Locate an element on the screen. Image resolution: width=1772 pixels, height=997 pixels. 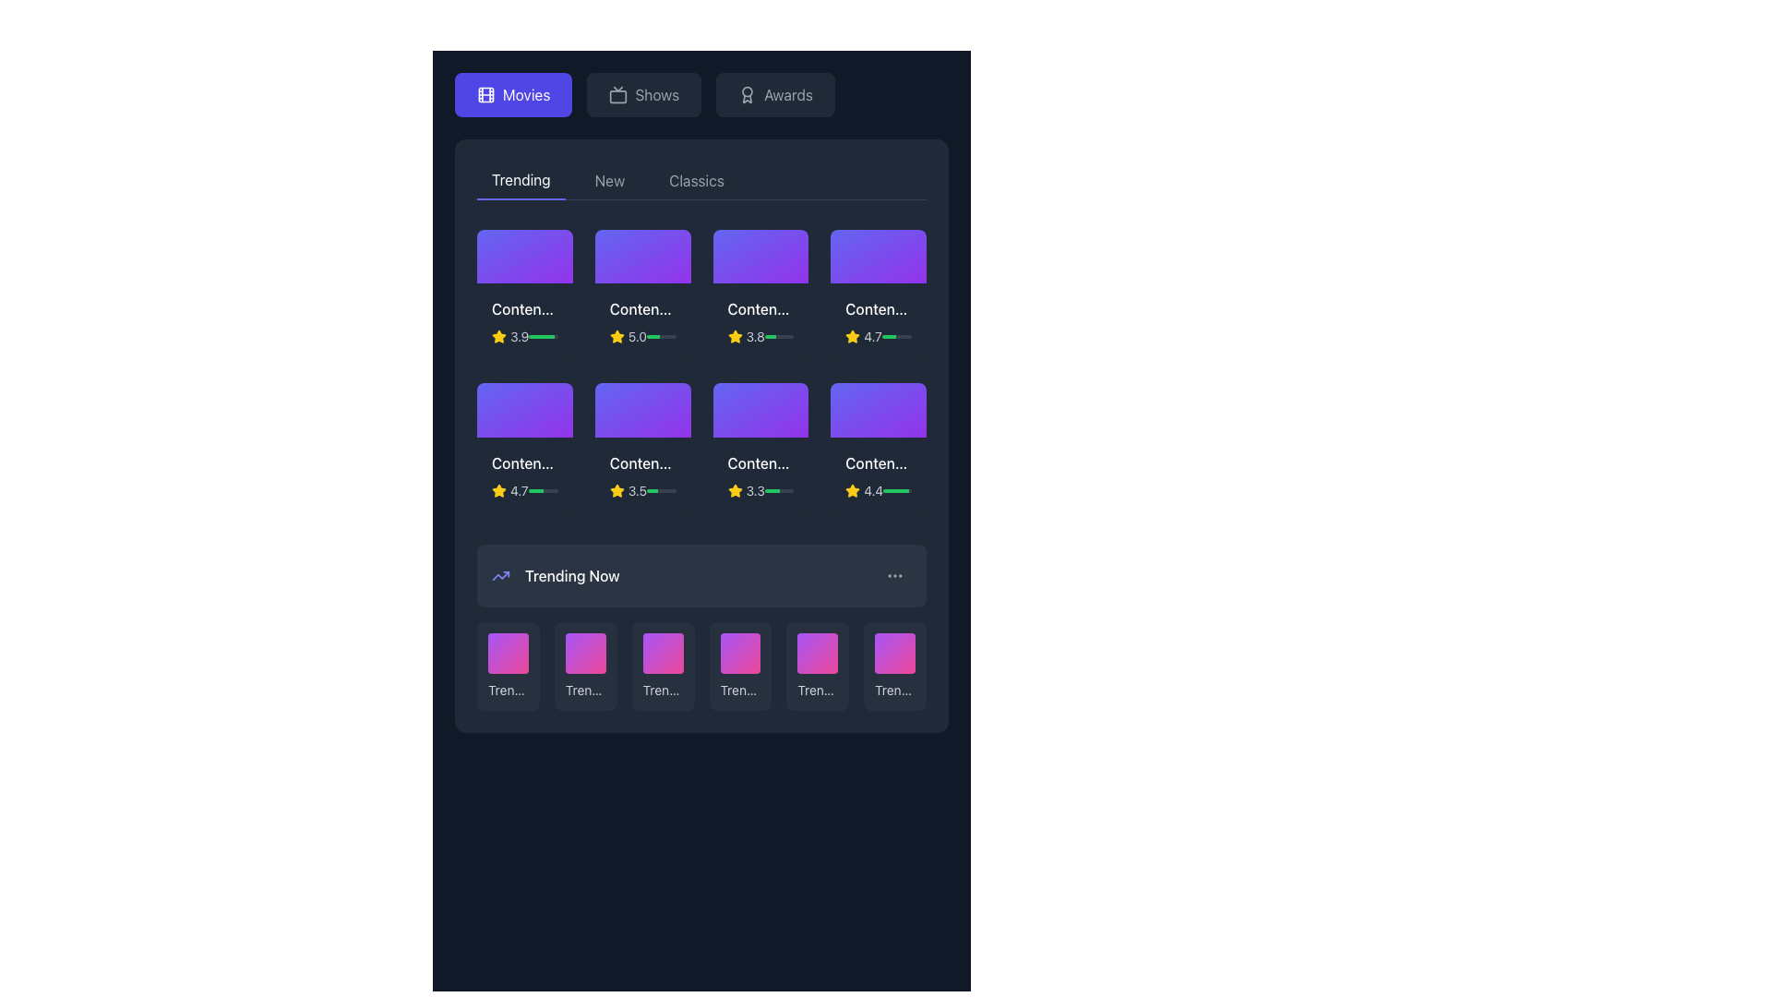
rating value displayed on the Text Label located below the movie card in the second column of the top row in the 'Trending' section, positioned to the right of a star icon is located at coordinates (637, 337).